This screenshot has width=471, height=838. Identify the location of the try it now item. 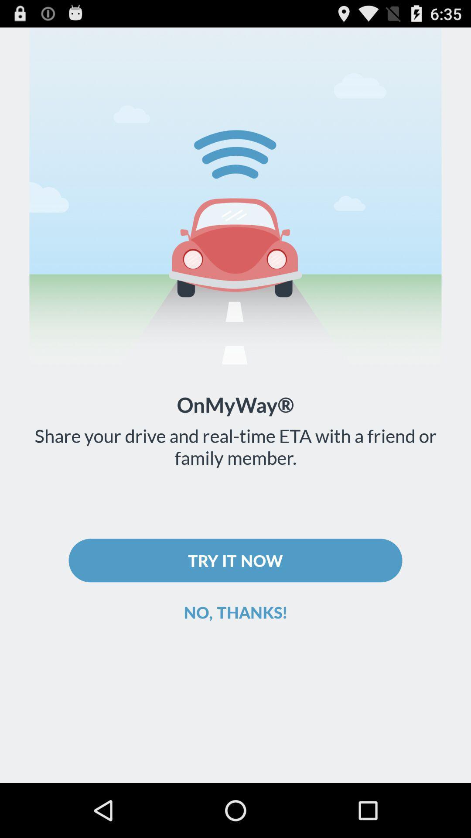
(235, 560).